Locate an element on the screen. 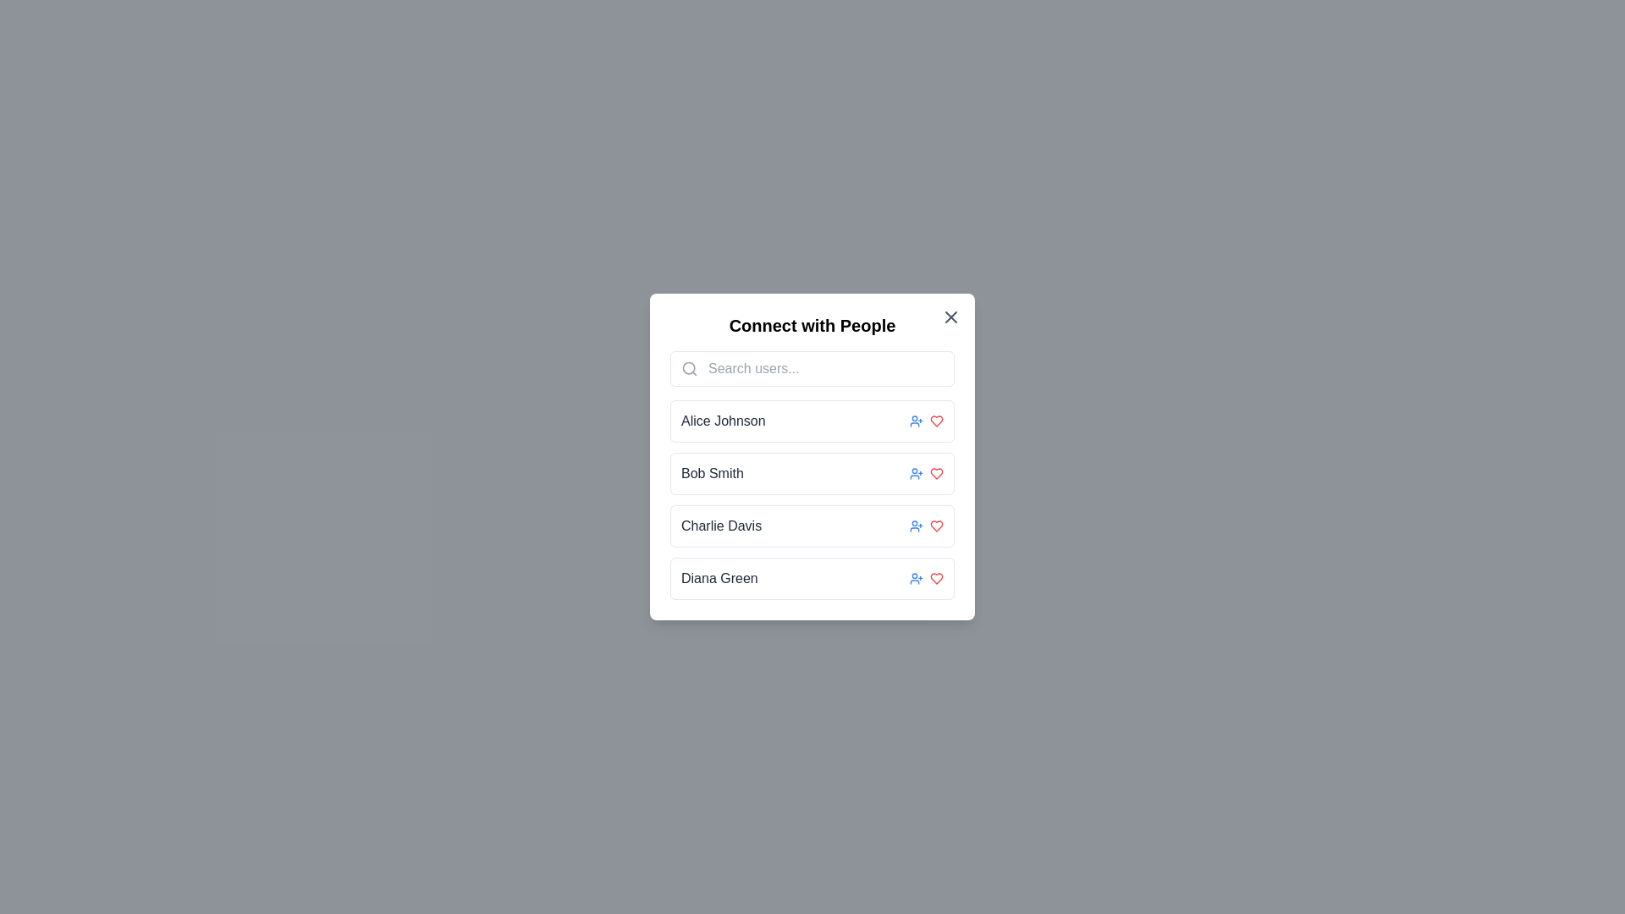 This screenshot has height=914, width=1625. the text label displaying the user name 'Charlie Davis' in the third row of the connection selection interface is located at coordinates (721, 525).